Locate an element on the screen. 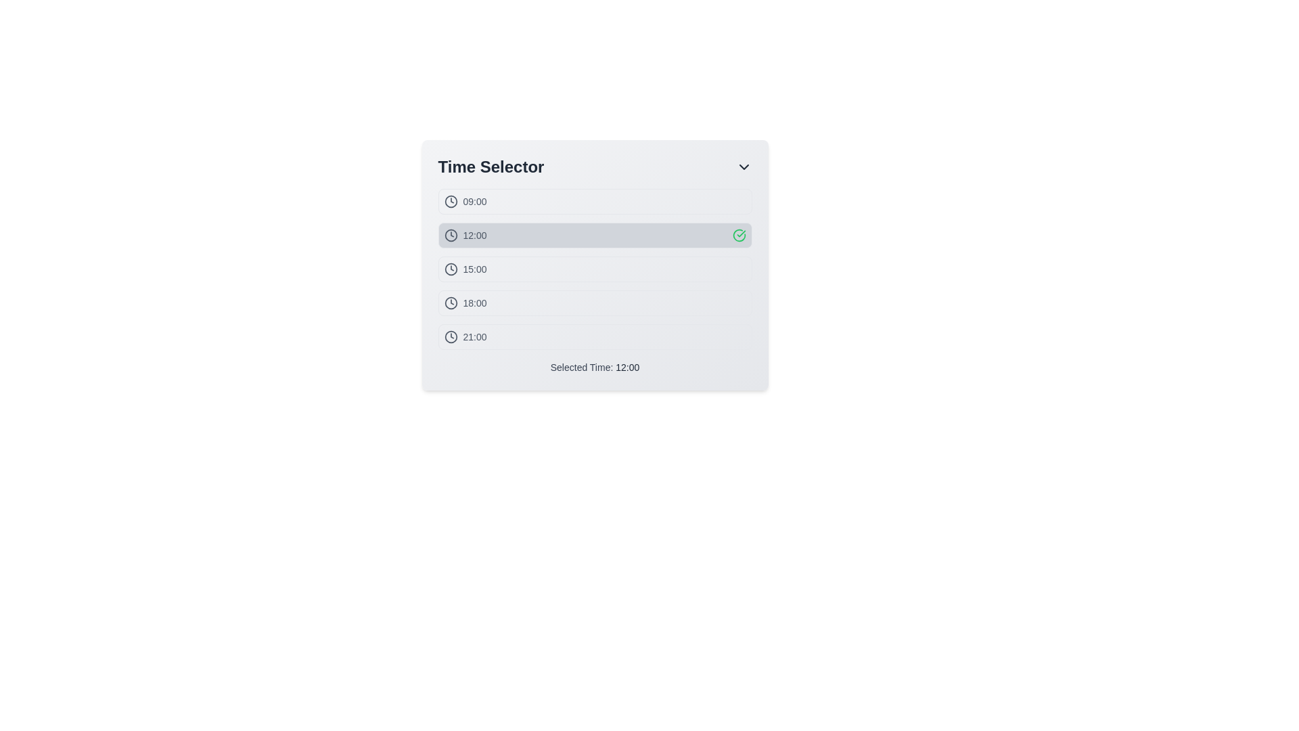 The width and height of the screenshot is (1299, 731). the small circular clock icon located to the left of the '18:00' text in the fourth row of the time selection interface is located at coordinates (451, 302).